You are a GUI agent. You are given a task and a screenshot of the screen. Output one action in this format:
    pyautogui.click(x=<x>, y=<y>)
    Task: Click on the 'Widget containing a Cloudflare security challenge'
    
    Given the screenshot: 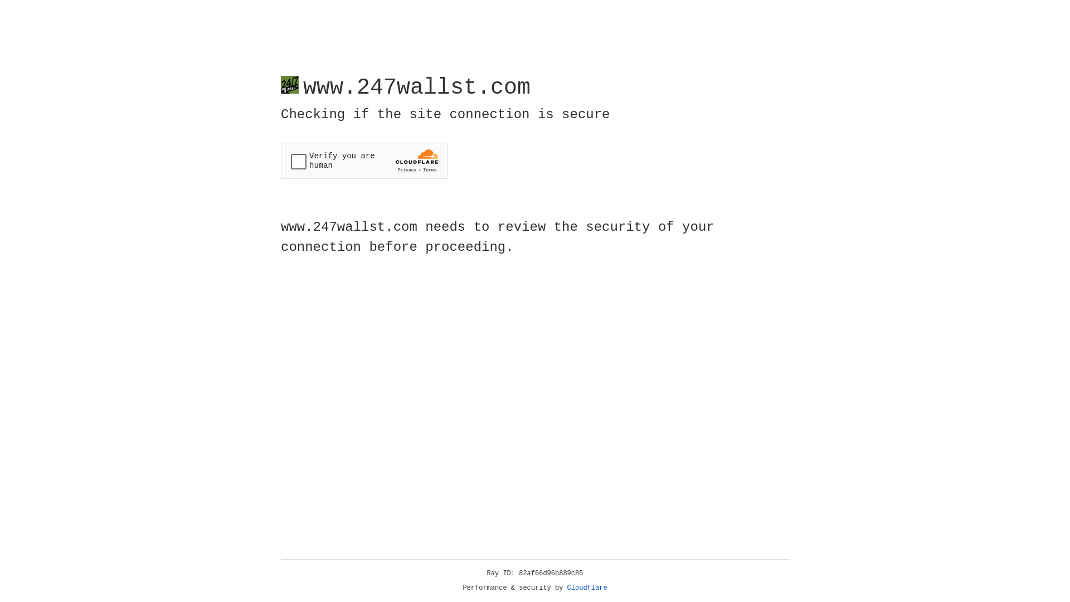 What is the action you would take?
    pyautogui.click(x=364, y=161)
    